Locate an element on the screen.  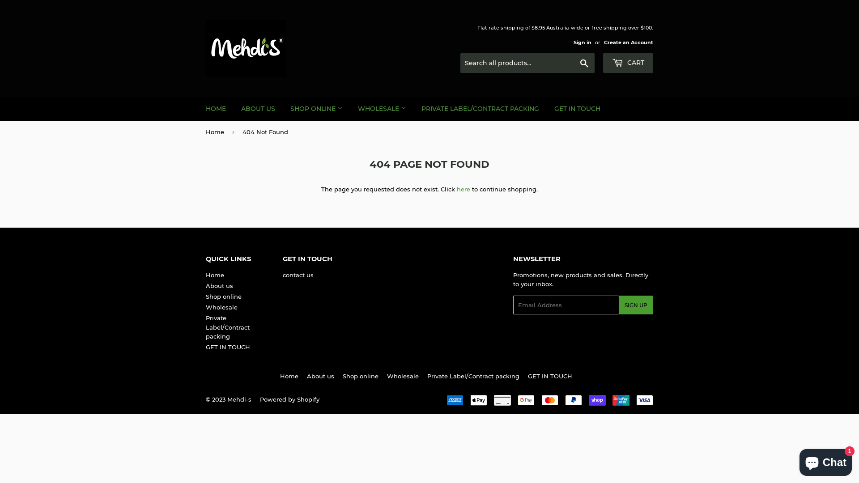
'SIGN UP' is located at coordinates (618, 305).